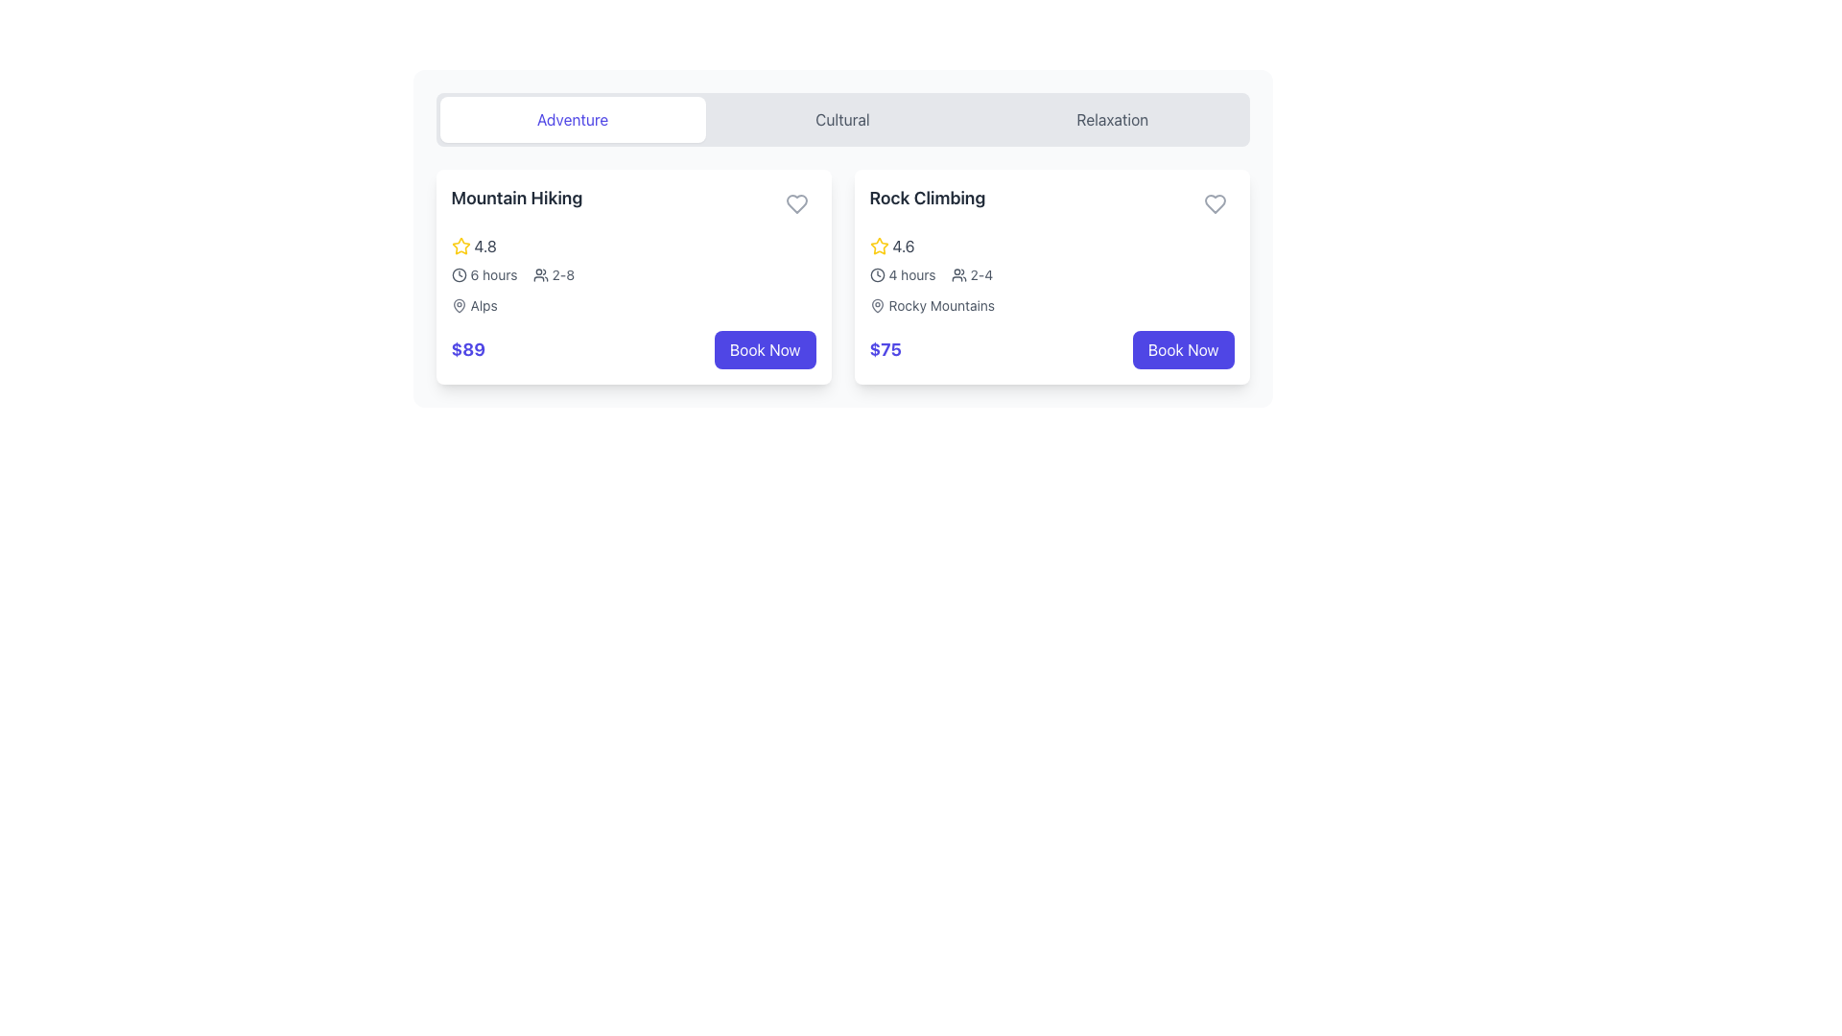 The height and width of the screenshot is (1036, 1842). I want to click on the clock icon representing the time duration of 6 hours for the 'Mountain Hiking' card in the 'Adventure' category section, so click(458, 274).